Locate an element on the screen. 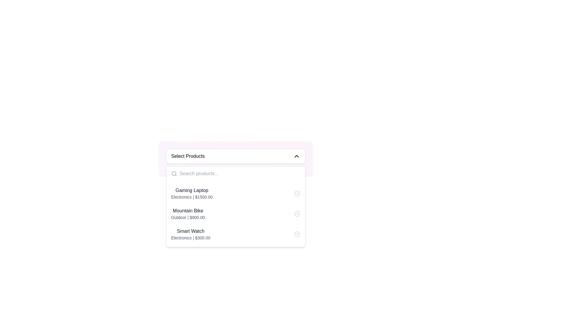 The width and height of the screenshot is (576, 324). the chevron icon used for toggling the dropdown menu, located at the top-right corner of the 'Select Products' component, to observe possible visual feedback is located at coordinates (296, 156).